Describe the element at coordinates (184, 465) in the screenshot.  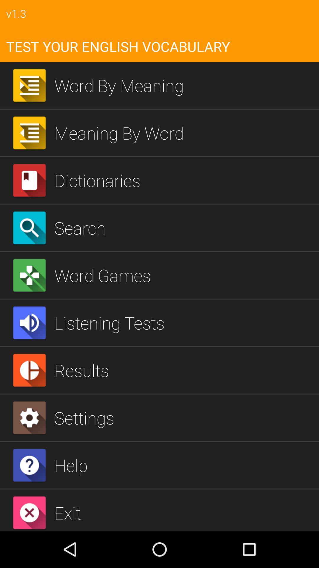
I see `the app below the settings icon` at that location.